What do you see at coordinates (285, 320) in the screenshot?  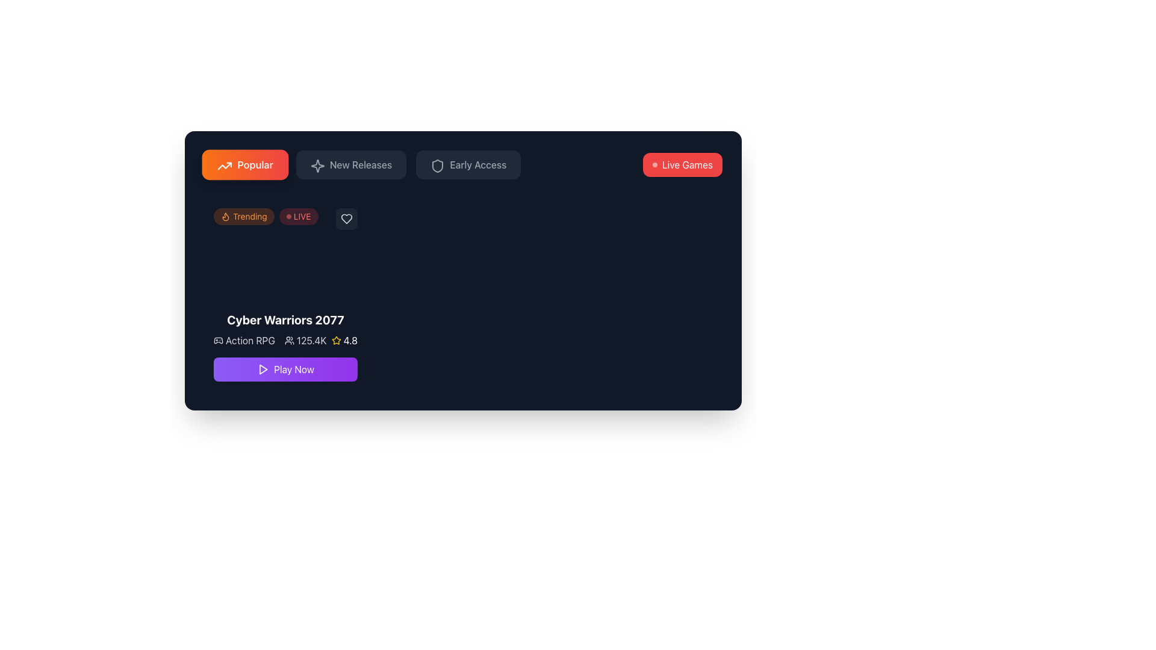 I see `the bold, white-colored text label stating 'Cyber Warriors 2077' located at the bottom-left of the card-like layout` at bounding box center [285, 320].